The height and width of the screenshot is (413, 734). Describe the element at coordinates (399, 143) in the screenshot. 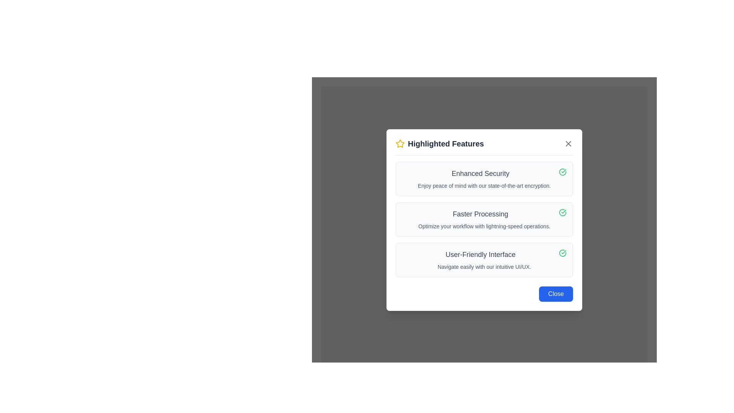

I see `the star icon in the 'Highlighted Features' modal window to signify importance and highlight special features` at that location.